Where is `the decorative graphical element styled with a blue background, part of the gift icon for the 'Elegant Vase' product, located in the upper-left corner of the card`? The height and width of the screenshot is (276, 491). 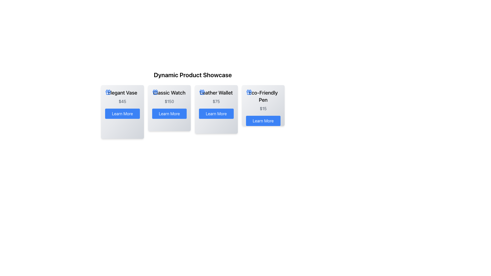
the decorative graphical element styled with a blue background, part of the gift icon for the 'Elegant Vase' product, located in the upper-left corner of the card is located at coordinates (108, 91).